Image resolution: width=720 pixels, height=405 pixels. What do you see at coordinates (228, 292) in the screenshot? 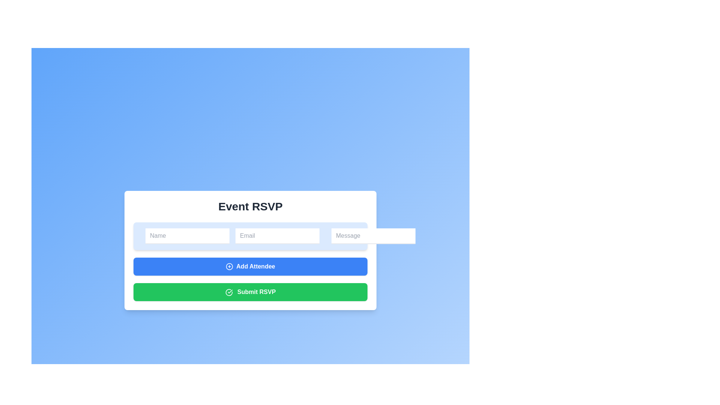
I see `the circular icon with a checkmark located to the left of the 'Submit RSVP' text within the green rectangular button at the bottom of the form` at bounding box center [228, 292].